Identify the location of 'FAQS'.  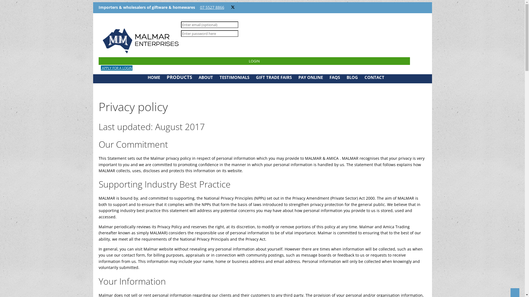
(334, 77).